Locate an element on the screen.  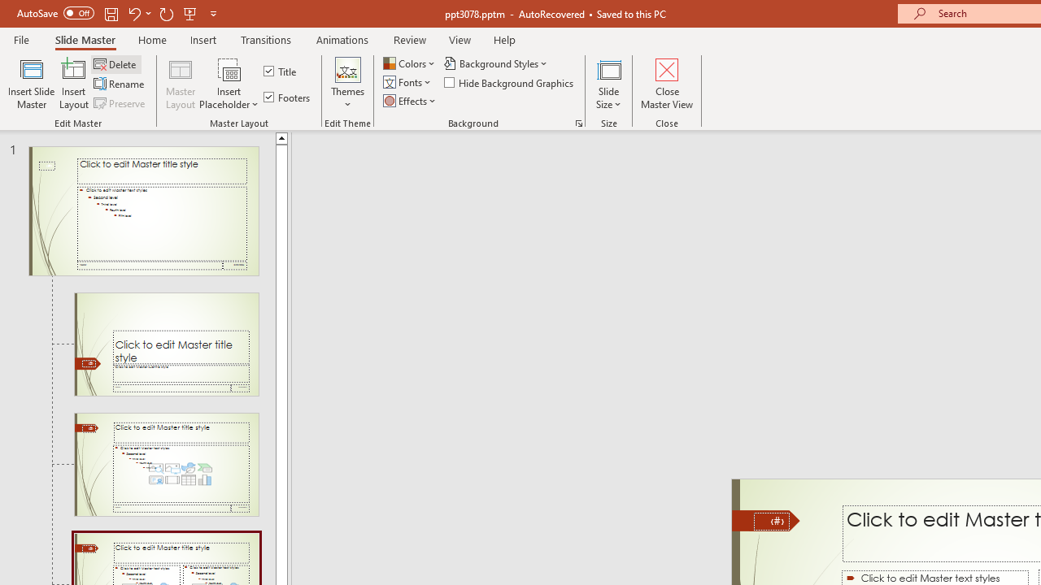
'Format Background...' is located at coordinates (578, 122).